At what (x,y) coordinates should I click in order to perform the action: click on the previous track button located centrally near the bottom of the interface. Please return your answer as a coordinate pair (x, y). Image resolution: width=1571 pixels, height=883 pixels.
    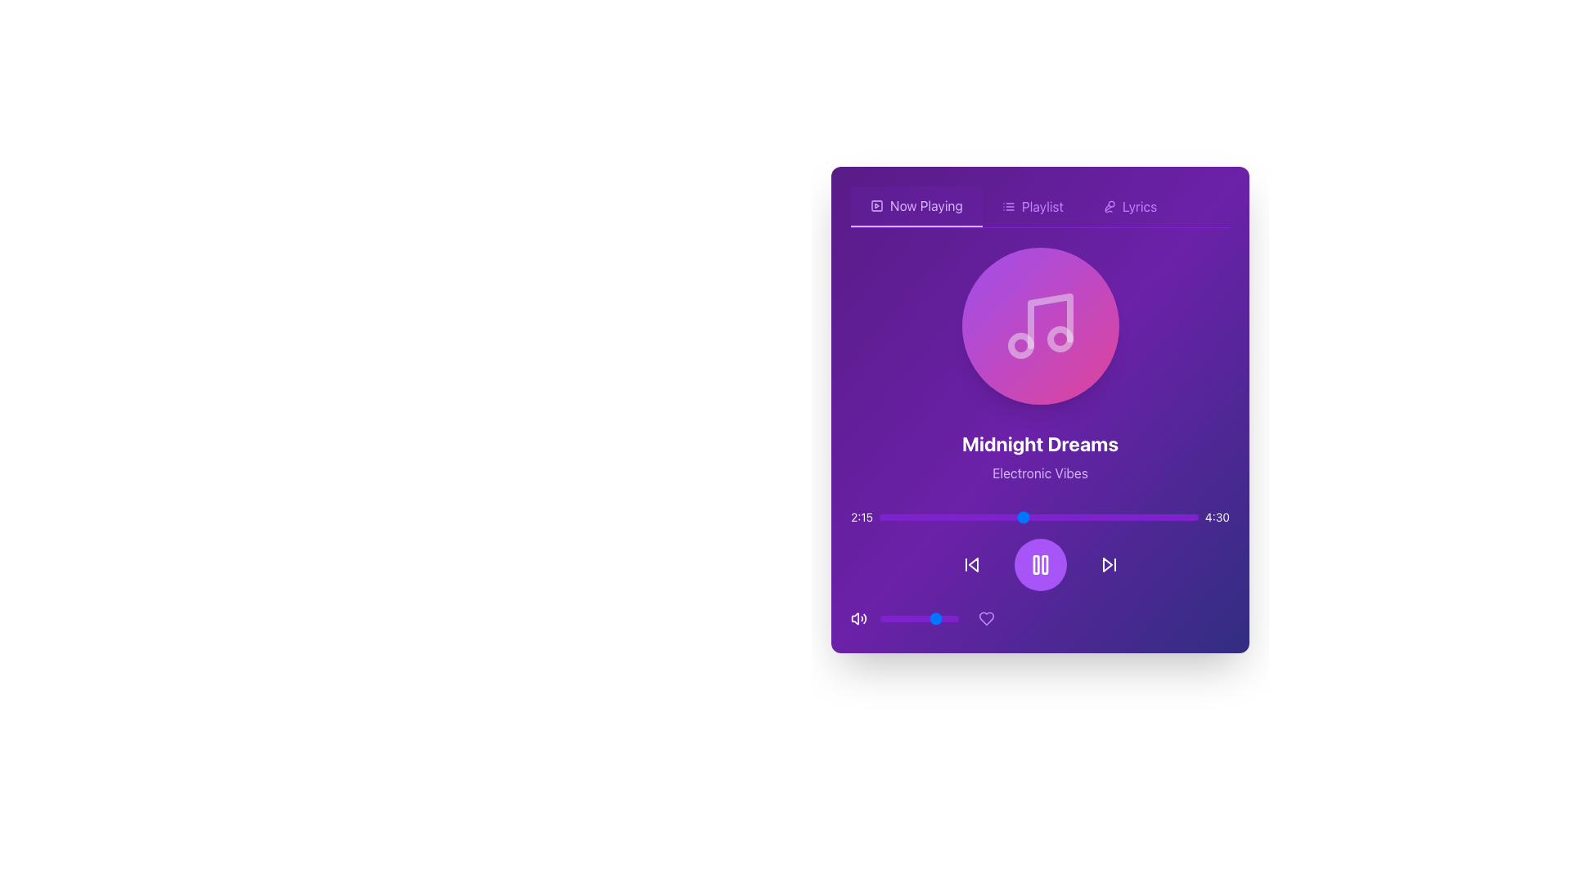
    Looking at the image, I should click on (971, 563).